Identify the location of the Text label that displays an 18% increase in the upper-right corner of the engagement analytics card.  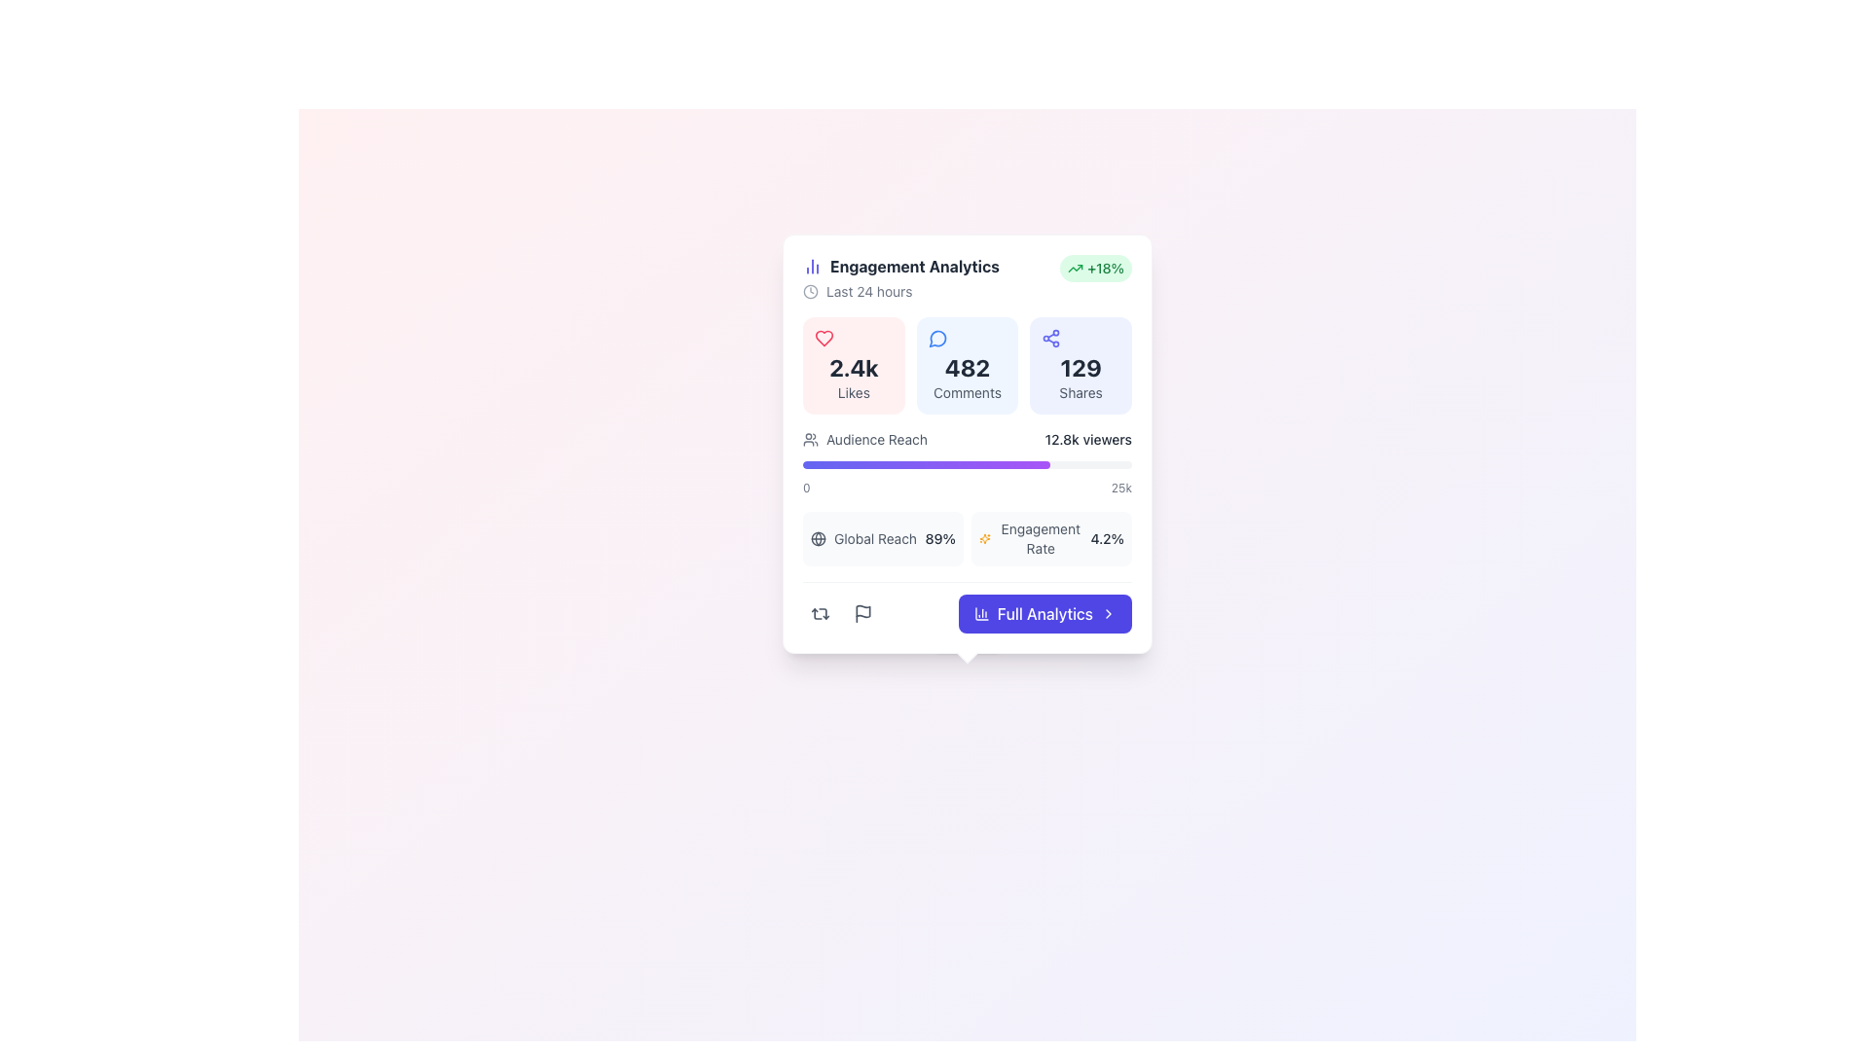
(1106, 269).